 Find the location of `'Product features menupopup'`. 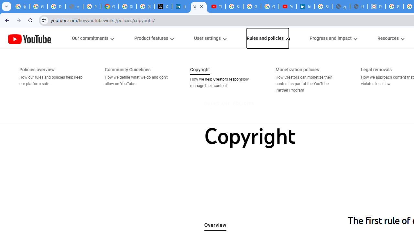

'Product features menupopup' is located at coordinates (153, 38).